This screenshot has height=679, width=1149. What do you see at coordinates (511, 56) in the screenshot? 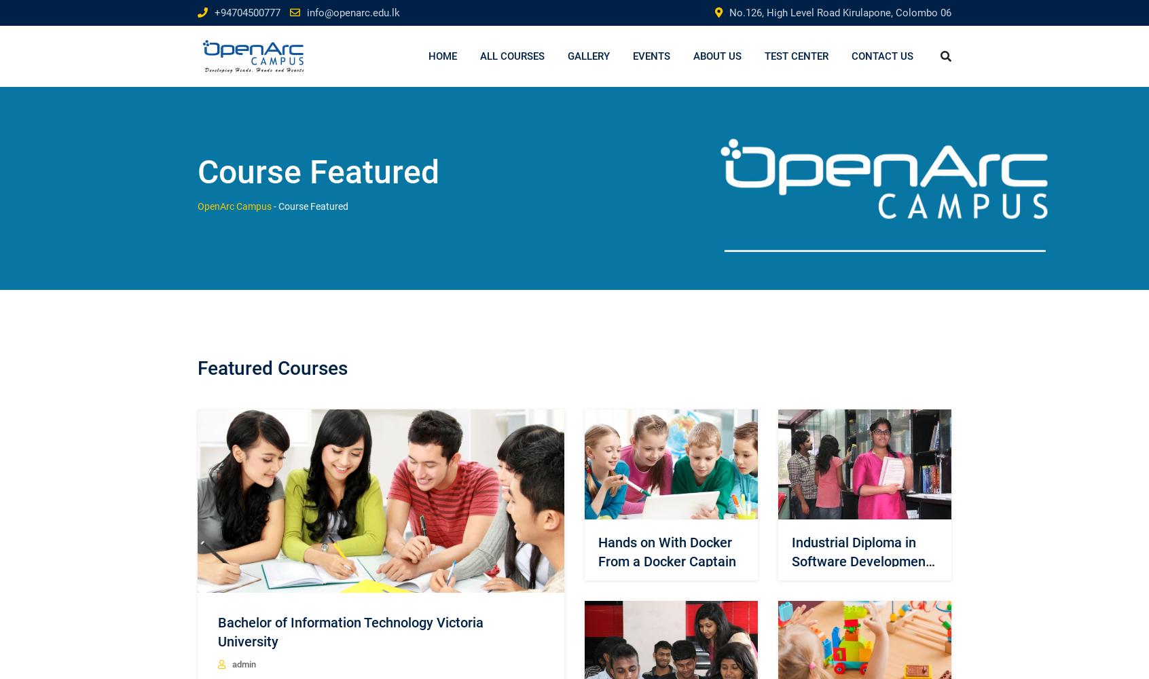
I see `'ALL COURSES'` at bounding box center [511, 56].